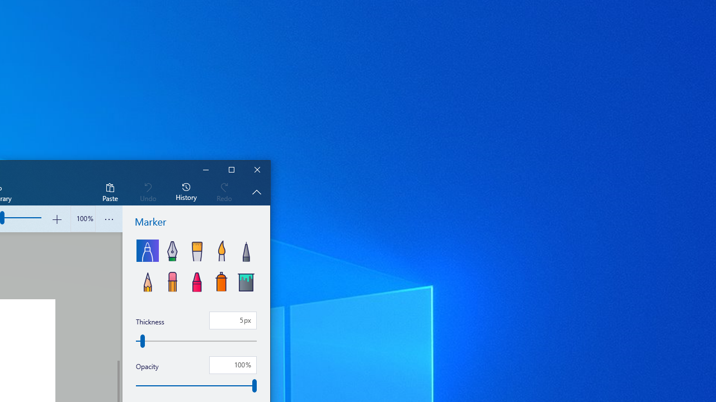 The height and width of the screenshot is (402, 716). I want to click on 'Calligraphy pen', so click(171, 250).